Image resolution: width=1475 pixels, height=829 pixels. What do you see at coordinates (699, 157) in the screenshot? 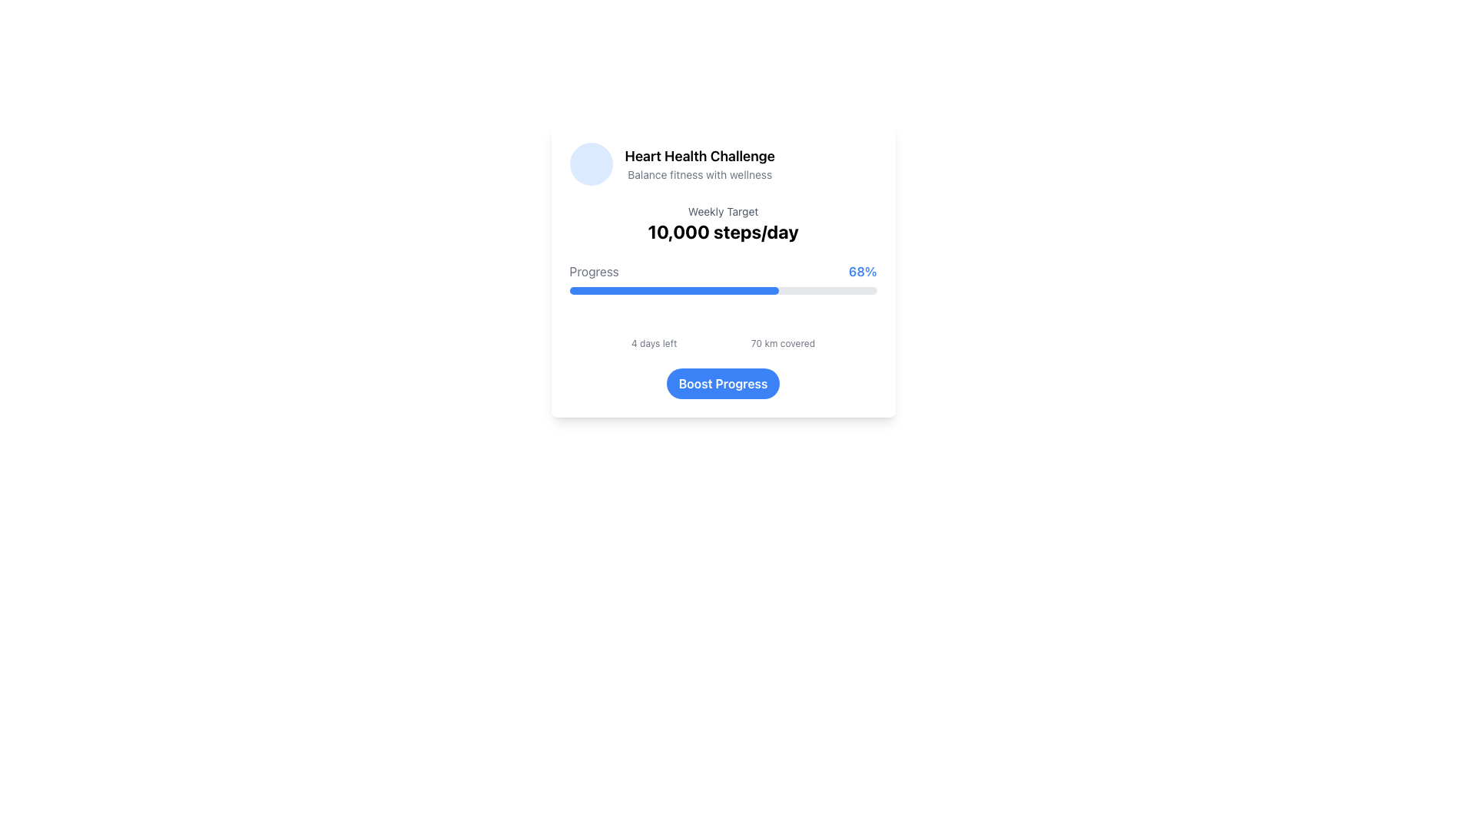
I see `text label displaying 'Heart Health Challenge', which is prominently styled and positioned at the top-left section of a card-like layout` at bounding box center [699, 157].